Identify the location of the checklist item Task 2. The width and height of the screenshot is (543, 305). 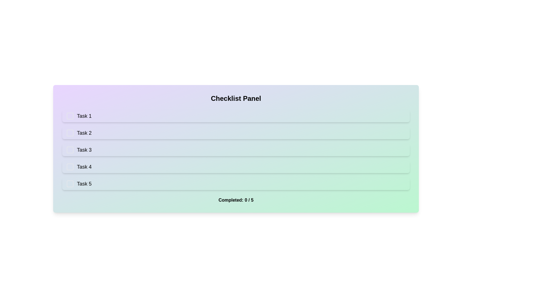
(236, 133).